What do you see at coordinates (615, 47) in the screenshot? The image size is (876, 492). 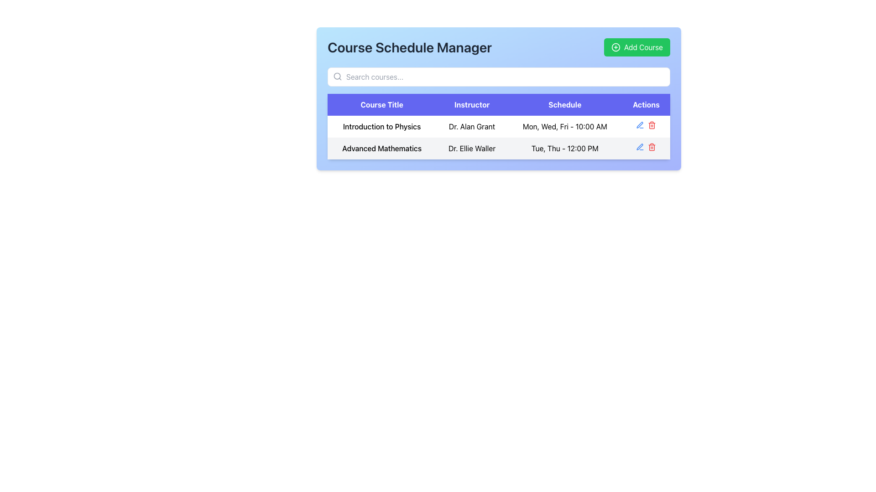 I see `the icon representing the 'Add Course' action, which is part of the 'Add Course' button group located in the top-right corner of the interface, positioned to the left of the 'Add Course' label` at bounding box center [615, 47].